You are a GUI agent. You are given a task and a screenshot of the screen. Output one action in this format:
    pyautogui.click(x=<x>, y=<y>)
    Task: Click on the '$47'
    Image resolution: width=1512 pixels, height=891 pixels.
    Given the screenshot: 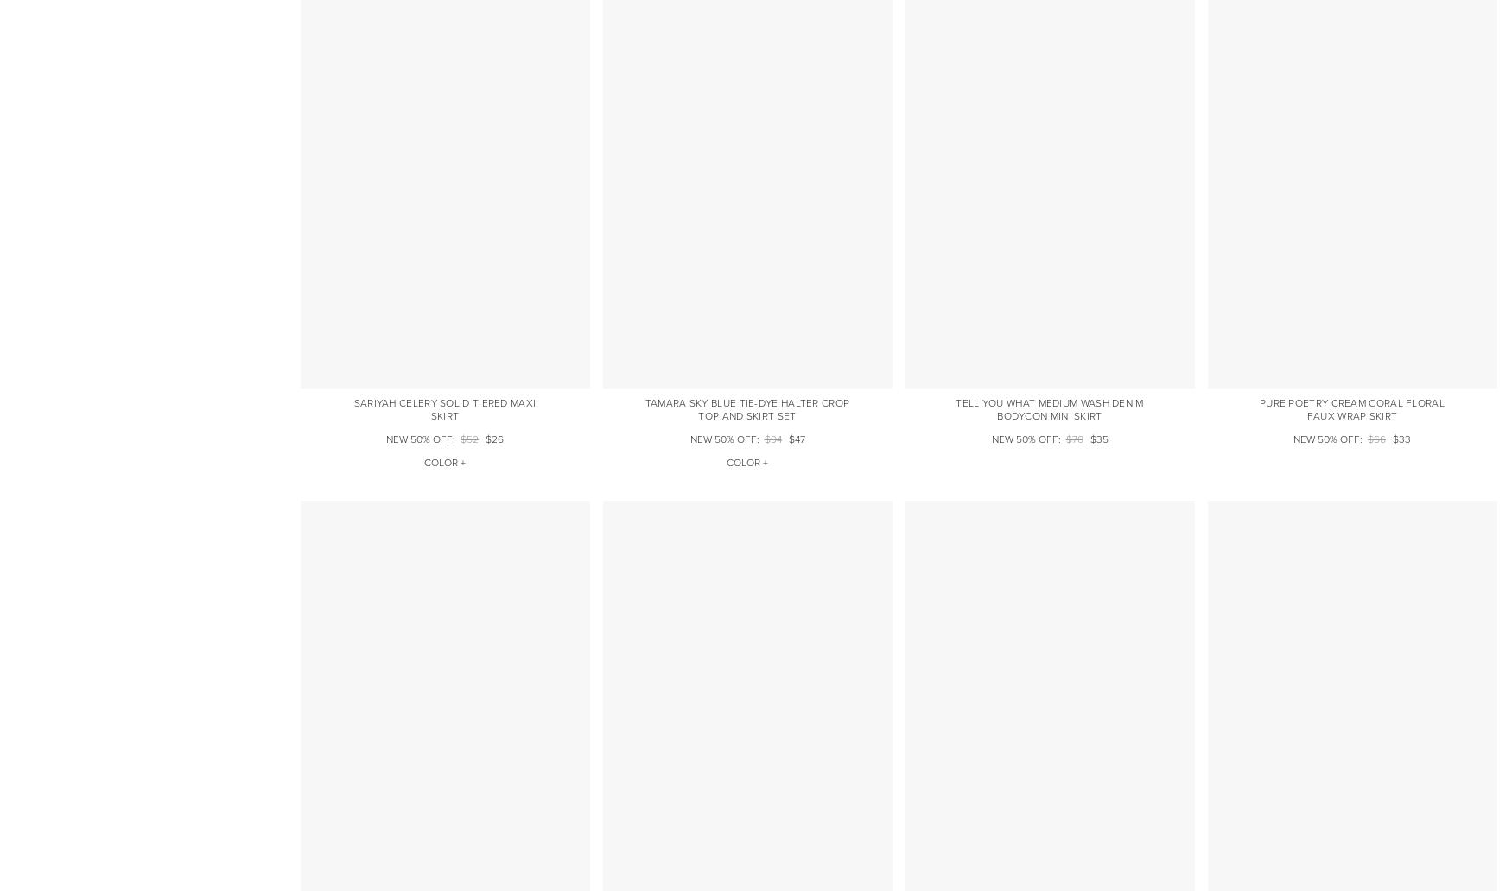 What is the action you would take?
    pyautogui.click(x=786, y=438)
    